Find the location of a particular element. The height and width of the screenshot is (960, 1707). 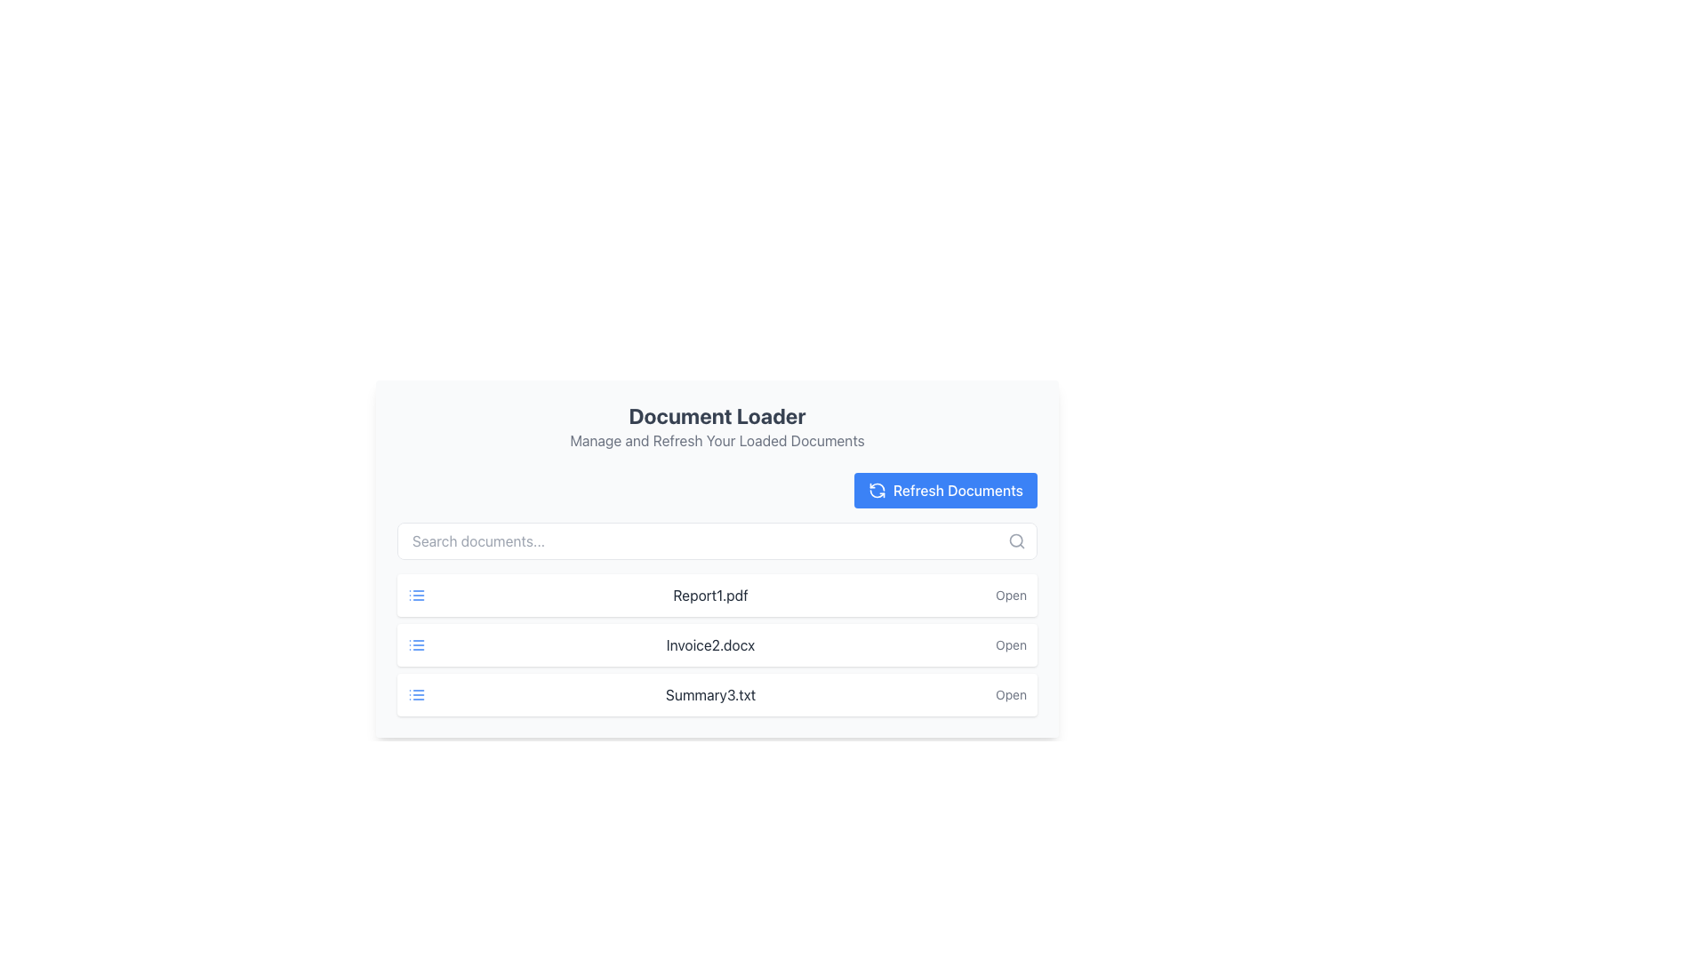

the text label displaying 'Invoice2.docx' in the Document Loader interface located in the second row of the list is located at coordinates (709, 644).